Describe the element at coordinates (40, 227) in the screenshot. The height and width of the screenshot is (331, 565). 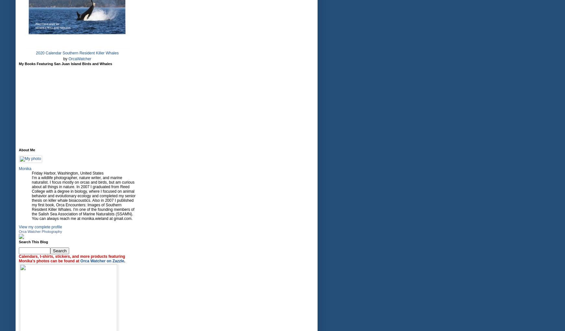
I see `'View my complete profile'` at that location.